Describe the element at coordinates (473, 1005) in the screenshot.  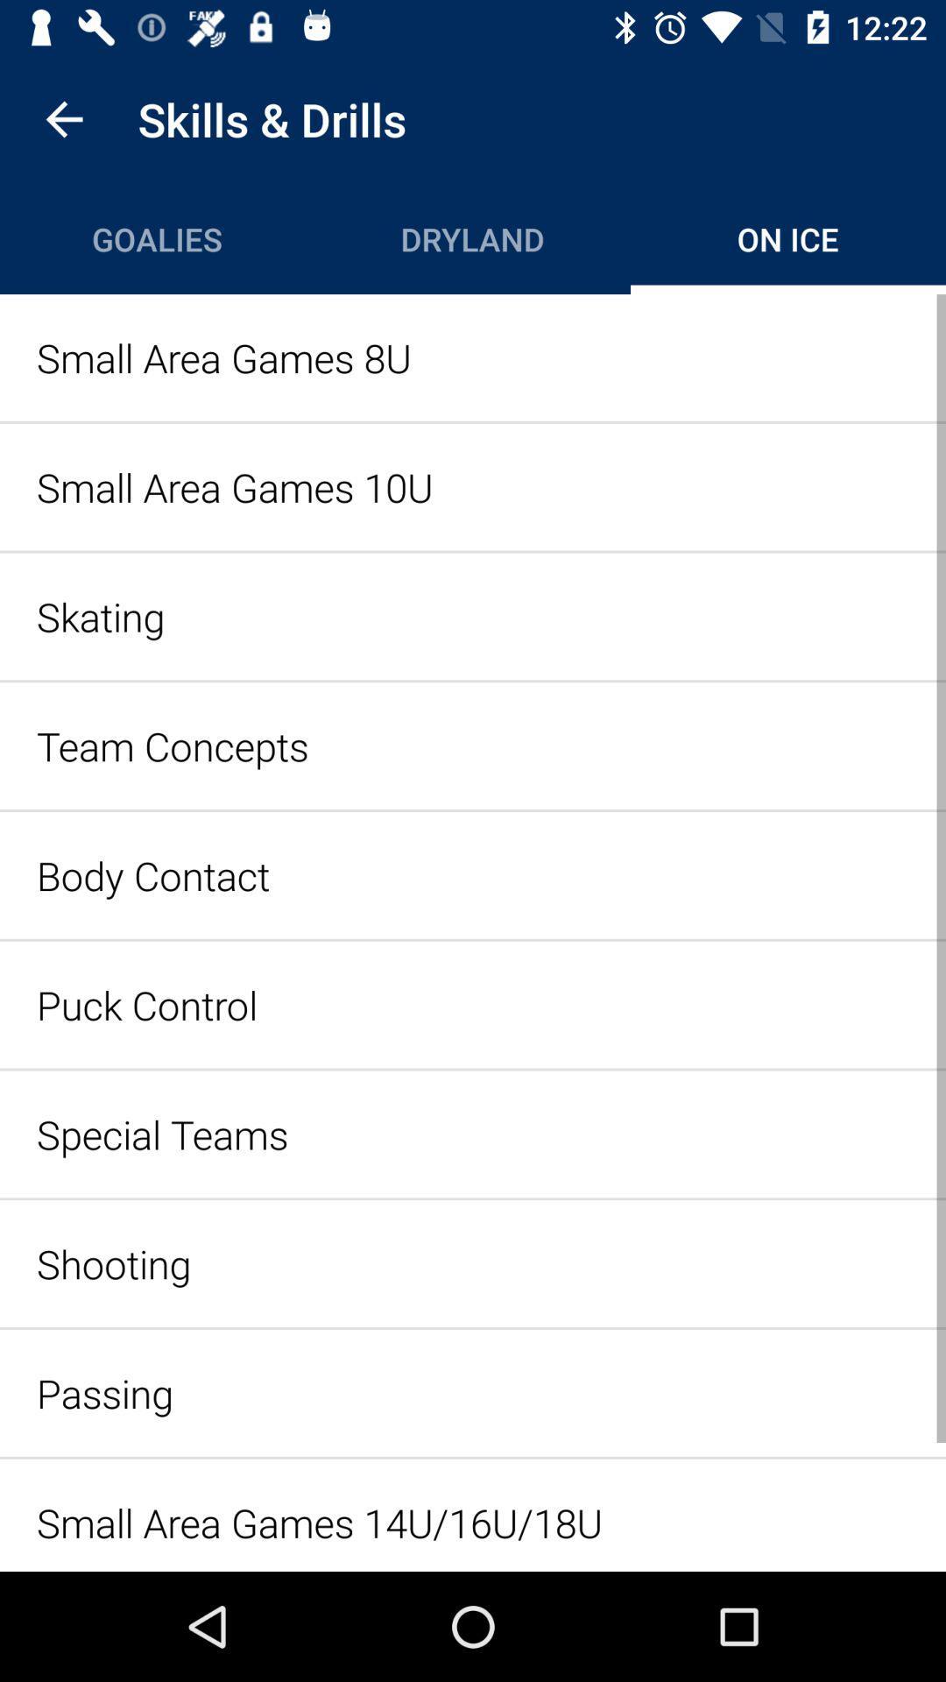
I see `the item below body contact` at that location.